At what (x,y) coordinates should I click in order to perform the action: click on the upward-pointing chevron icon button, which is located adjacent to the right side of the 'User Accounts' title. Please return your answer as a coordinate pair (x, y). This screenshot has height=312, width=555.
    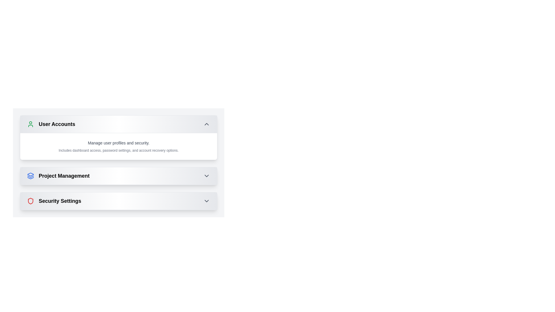
    Looking at the image, I should click on (207, 124).